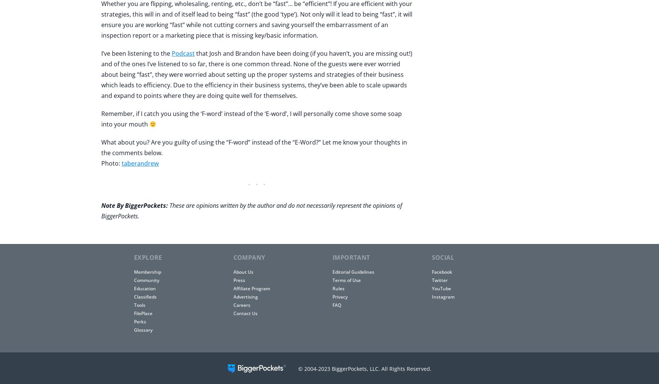  Describe the element at coordinates (143, 313) in the screenshot. I see `'FilePlace'` at that location.